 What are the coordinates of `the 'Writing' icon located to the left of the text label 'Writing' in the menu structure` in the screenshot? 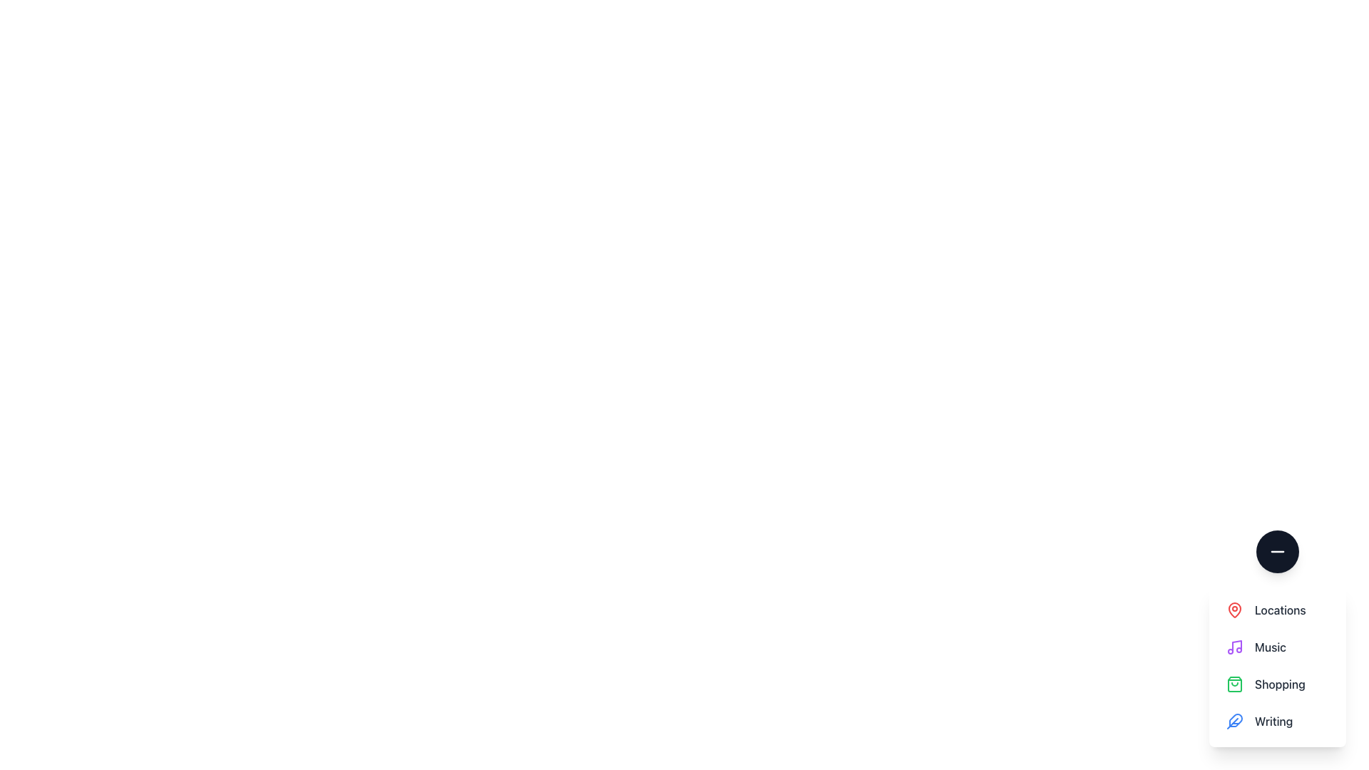 It's located at (1234, 721).